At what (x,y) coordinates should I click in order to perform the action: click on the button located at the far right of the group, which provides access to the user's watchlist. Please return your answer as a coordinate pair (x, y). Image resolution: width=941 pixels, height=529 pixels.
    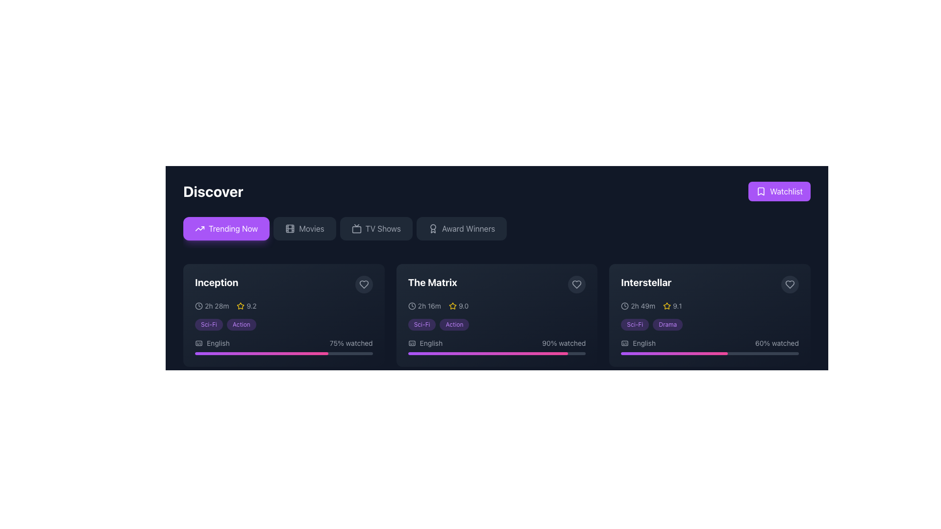
    Looking at the image, I should click on (779, 191).